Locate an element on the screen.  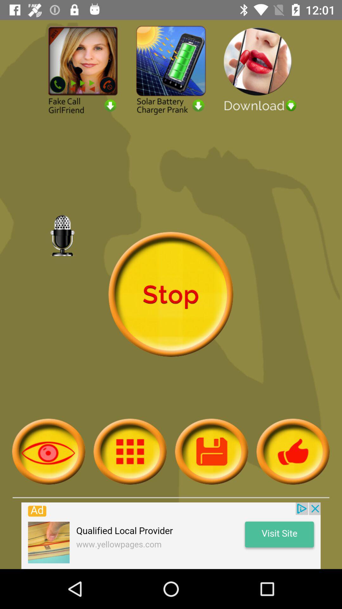
access menu is located at coordinates (130, 451).